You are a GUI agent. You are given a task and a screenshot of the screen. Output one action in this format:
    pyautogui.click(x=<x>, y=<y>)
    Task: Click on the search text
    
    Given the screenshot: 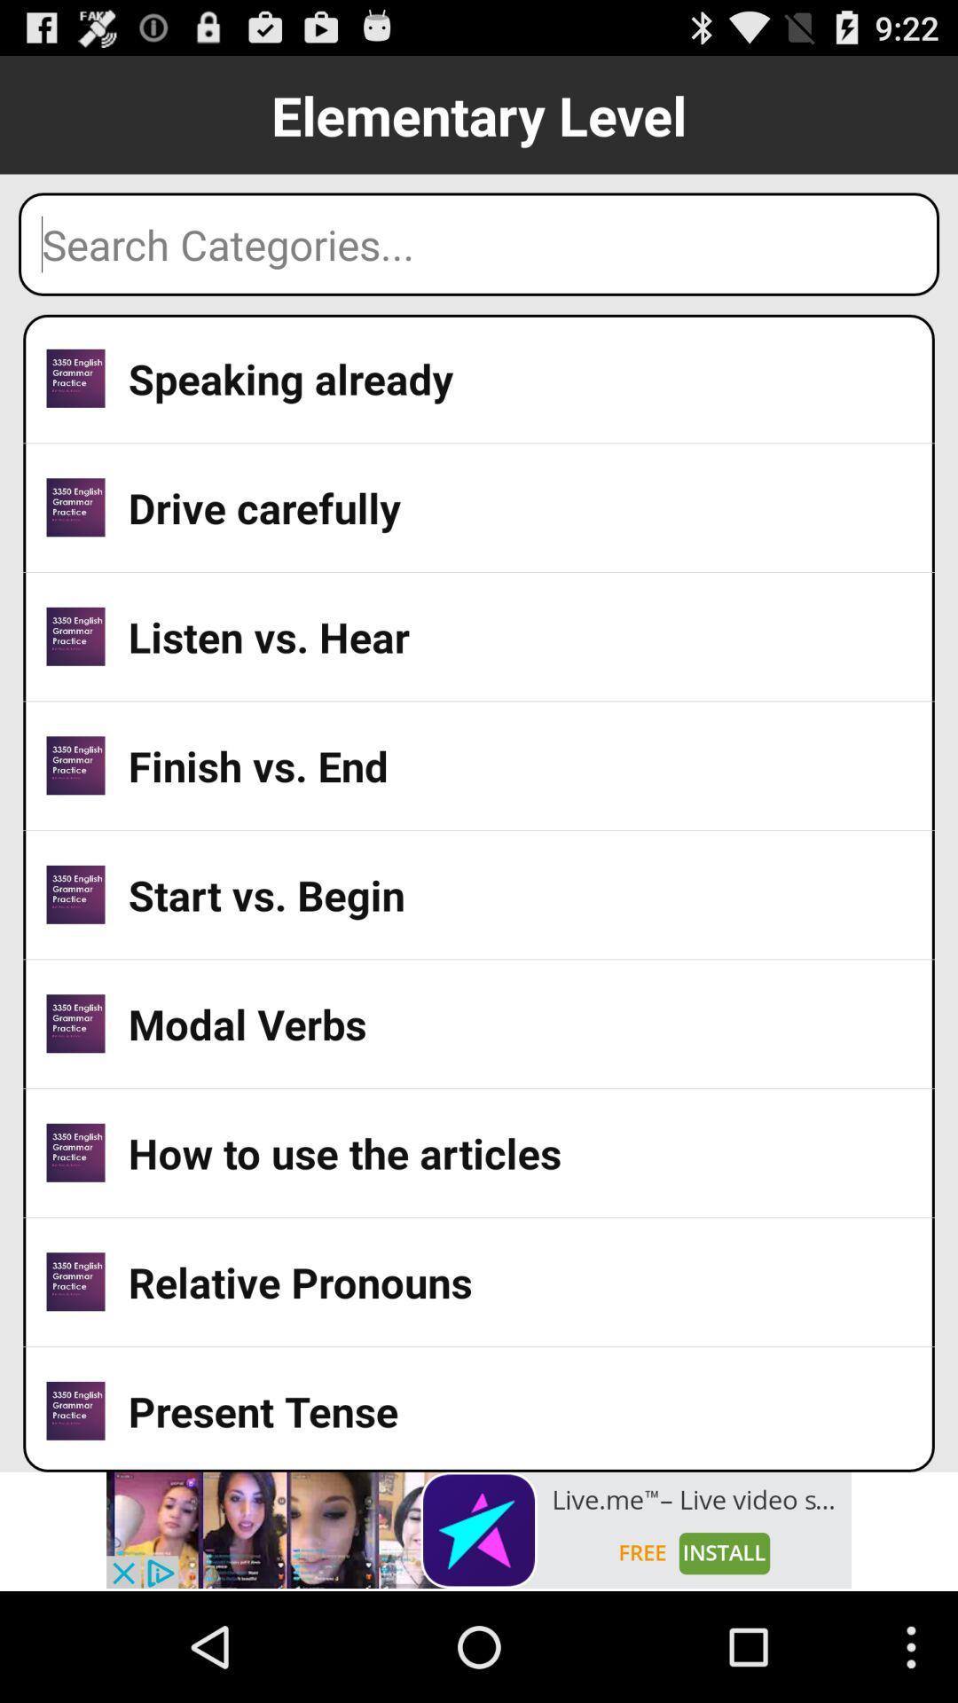 What is the action you would take?
    pyautogui.click(x=479, y=243)
    